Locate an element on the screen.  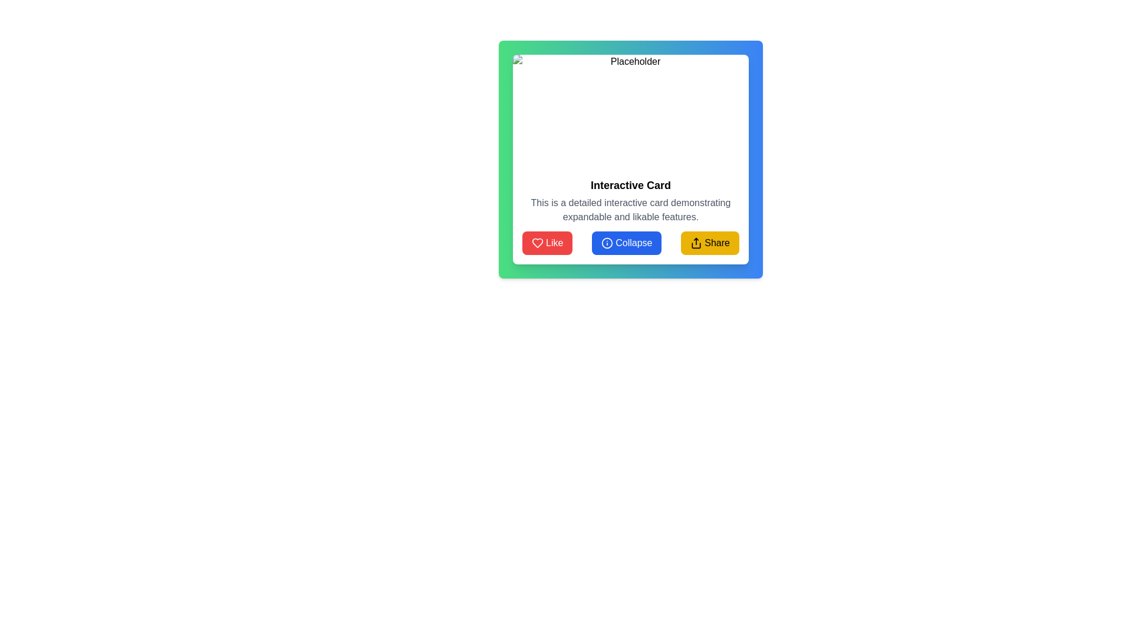
the small blue circular information icon containing an 'i' symbol located to the left within the 'Collapse' button at the bottom center of the interactive card interface is located at coordinates (607, 242).